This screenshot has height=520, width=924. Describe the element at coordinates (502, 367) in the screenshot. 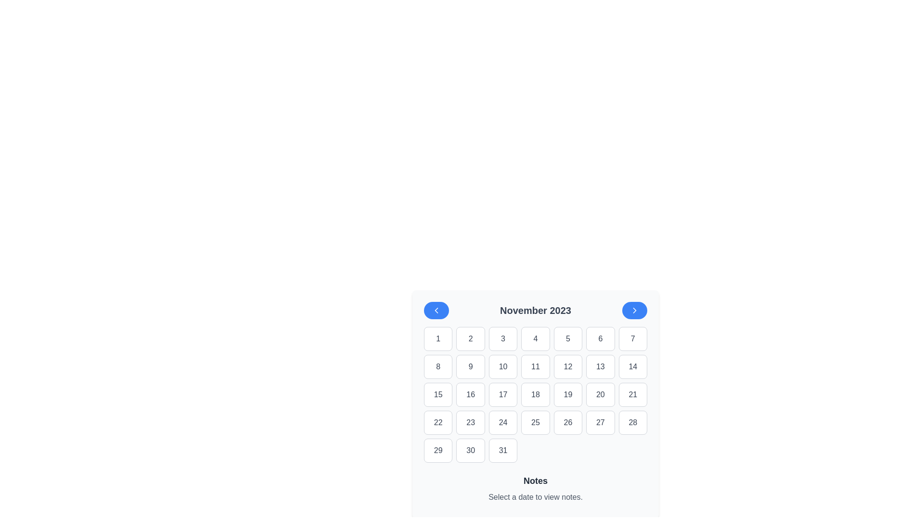

I see `the button displaying the number '10' located` at that location.